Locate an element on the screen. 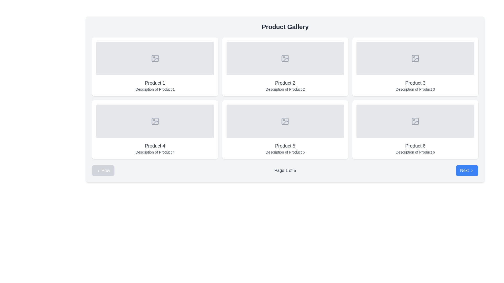  the text element displaying 'Page 1 of 5', which is styled in gray and located at the center bottom of the interface, between the 'Prev' and 'Next' buttons is located at coordinates (285, 171).